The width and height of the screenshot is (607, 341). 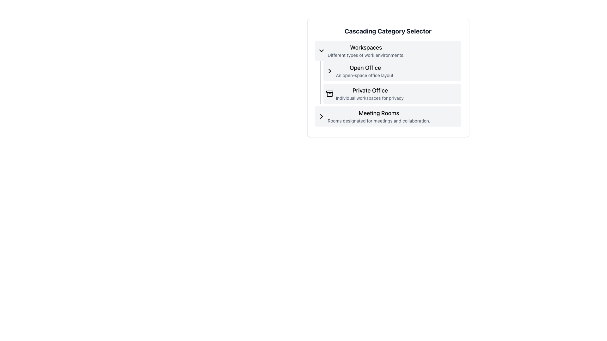 What do you see at coordinates (388, 72) in the screenshot?
I see `the individual item within the second row of the list that contains information about open office and private office workspaces` at bounding box center [388, 72].